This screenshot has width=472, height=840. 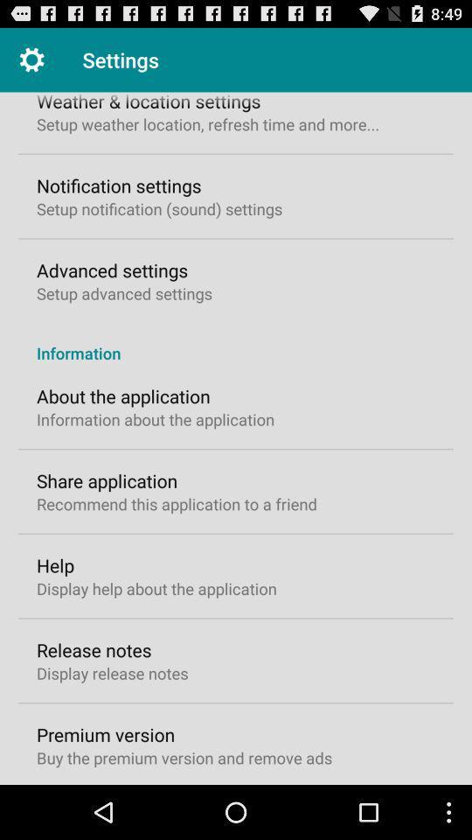 What do you see at coordinates (177, 504) in the screenshot?
I see `the item below the share application item` at bounding box center [177, 504].